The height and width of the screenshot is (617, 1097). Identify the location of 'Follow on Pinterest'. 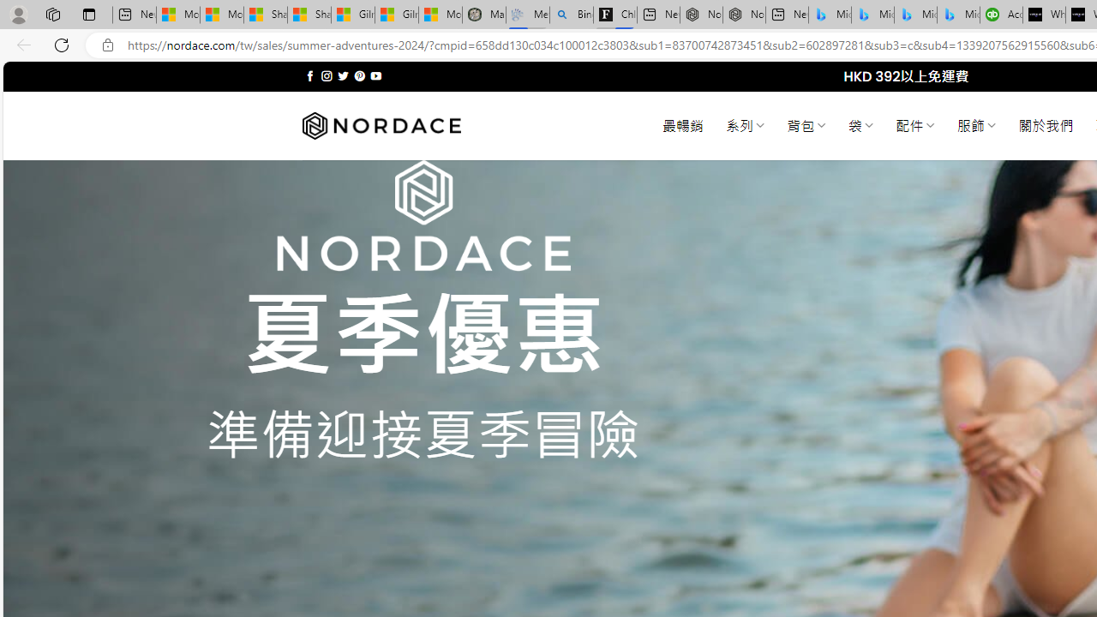
(358, 75).